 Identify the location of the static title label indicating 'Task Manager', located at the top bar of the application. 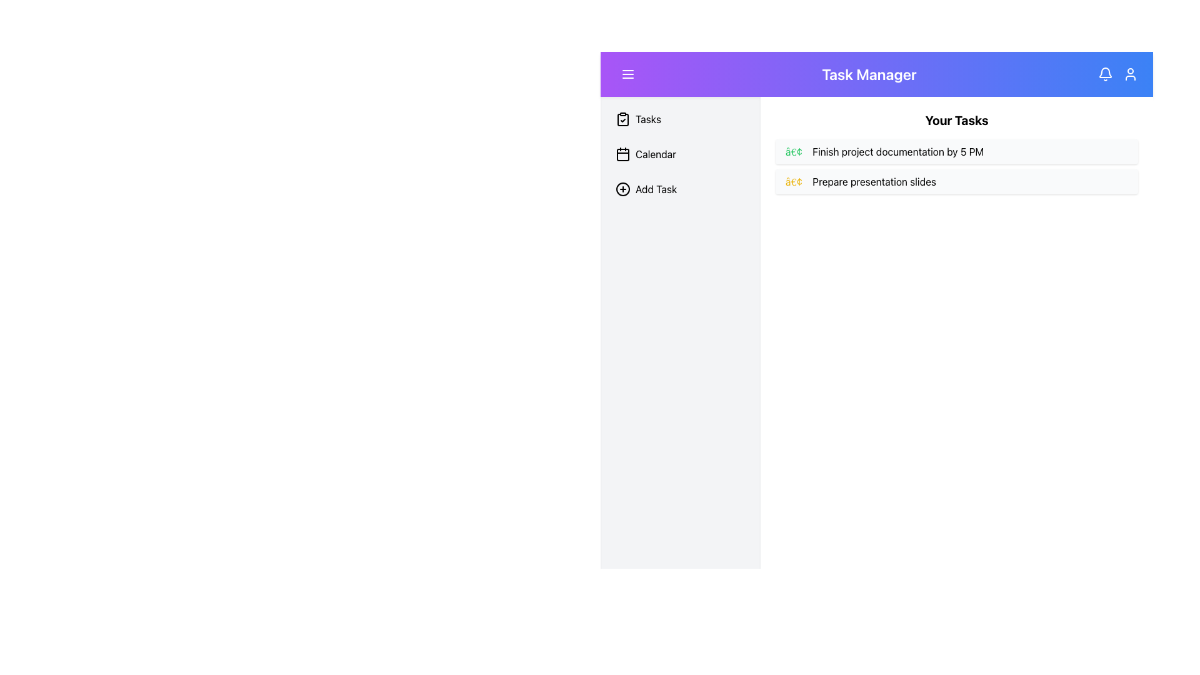
(869, 74).